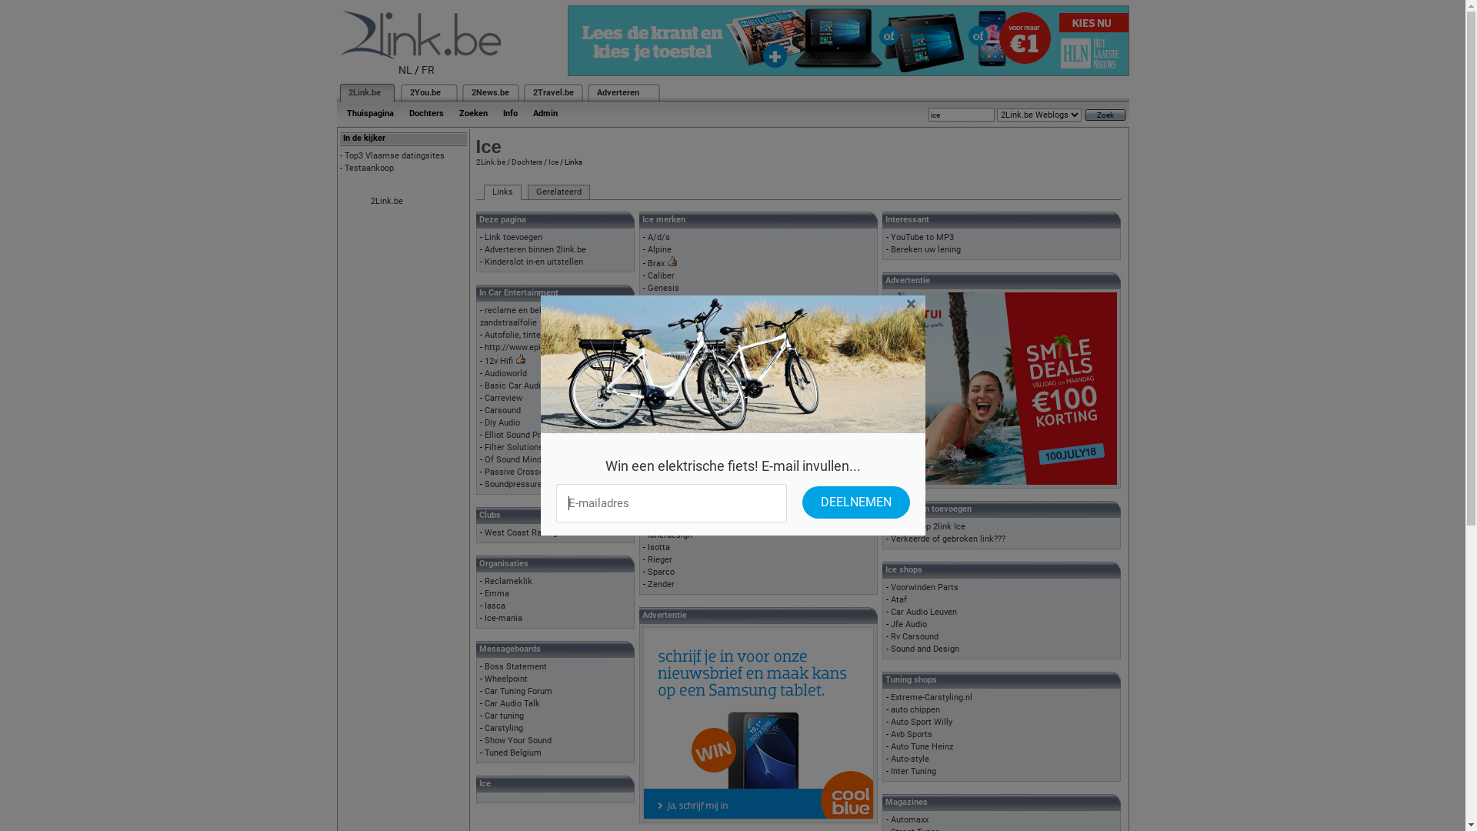 The width and height of the screenshot is (1477, 831). I want to click on 'Inter Tuning', so click(913, 771).